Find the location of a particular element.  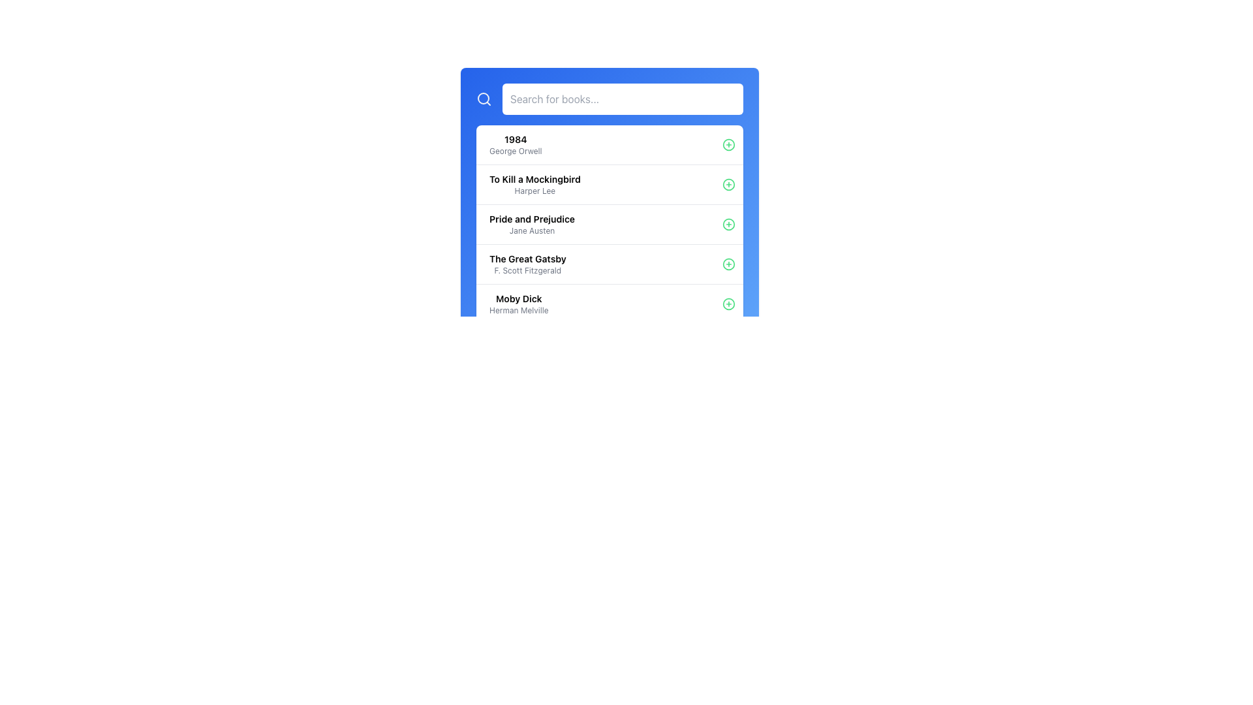

the third list item labeled 'Pride and Prejudice' by Jane Austen is located at coordinates (609, 223).